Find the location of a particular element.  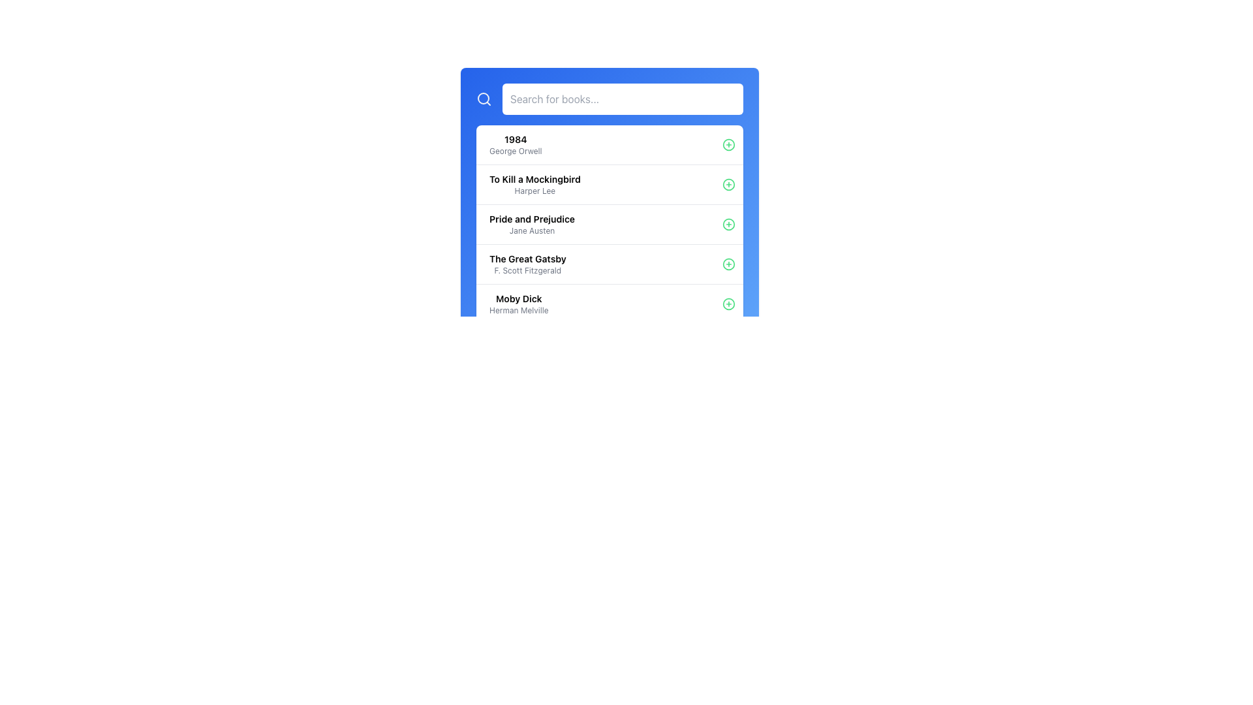

the third list item labeled 'Pride and Prejudice' by Jane Austen is located at coordinates (609, 223).